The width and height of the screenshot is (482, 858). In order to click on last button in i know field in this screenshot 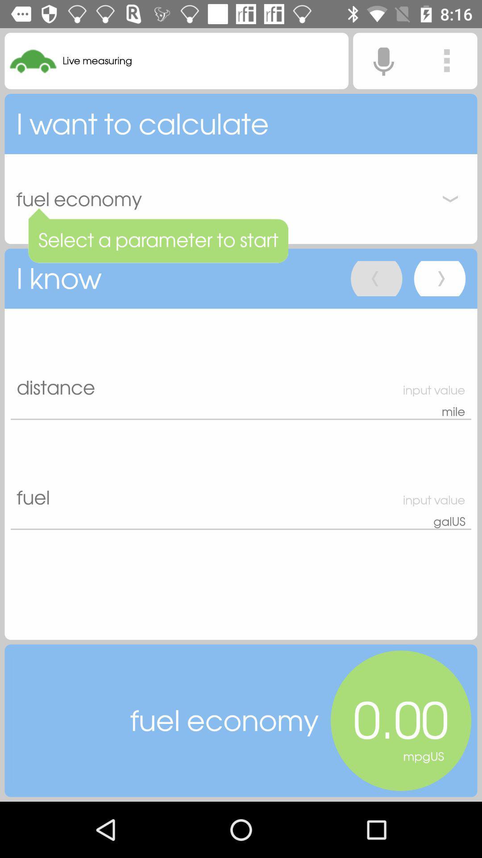, I will do `click(439, 278)`.